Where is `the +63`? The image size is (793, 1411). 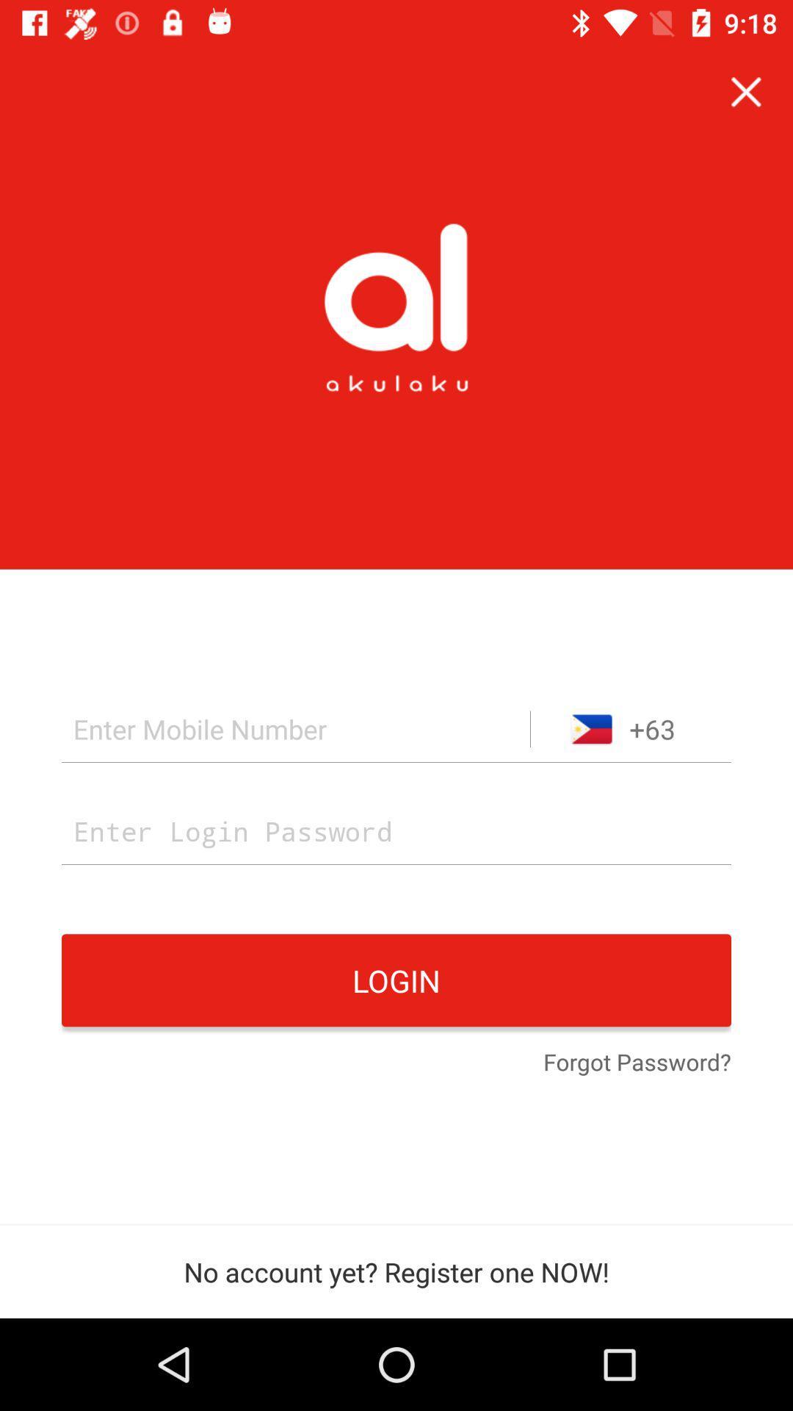 the +63 is located at coordinates (630, 729).